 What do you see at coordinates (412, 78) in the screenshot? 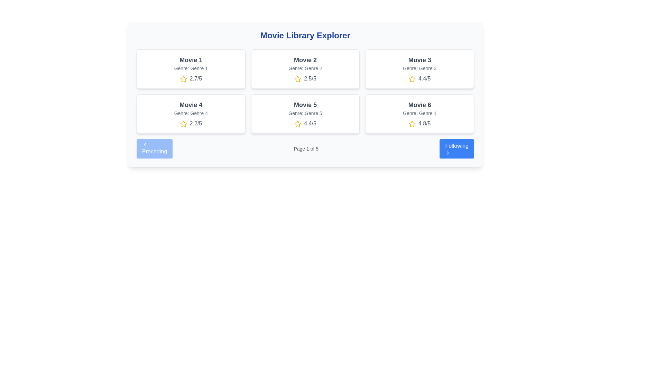
I see `the star icon representing the movie's rating in the Movie 3 card located in the top-right section of the movie grid` at bounding box center [412, 78].